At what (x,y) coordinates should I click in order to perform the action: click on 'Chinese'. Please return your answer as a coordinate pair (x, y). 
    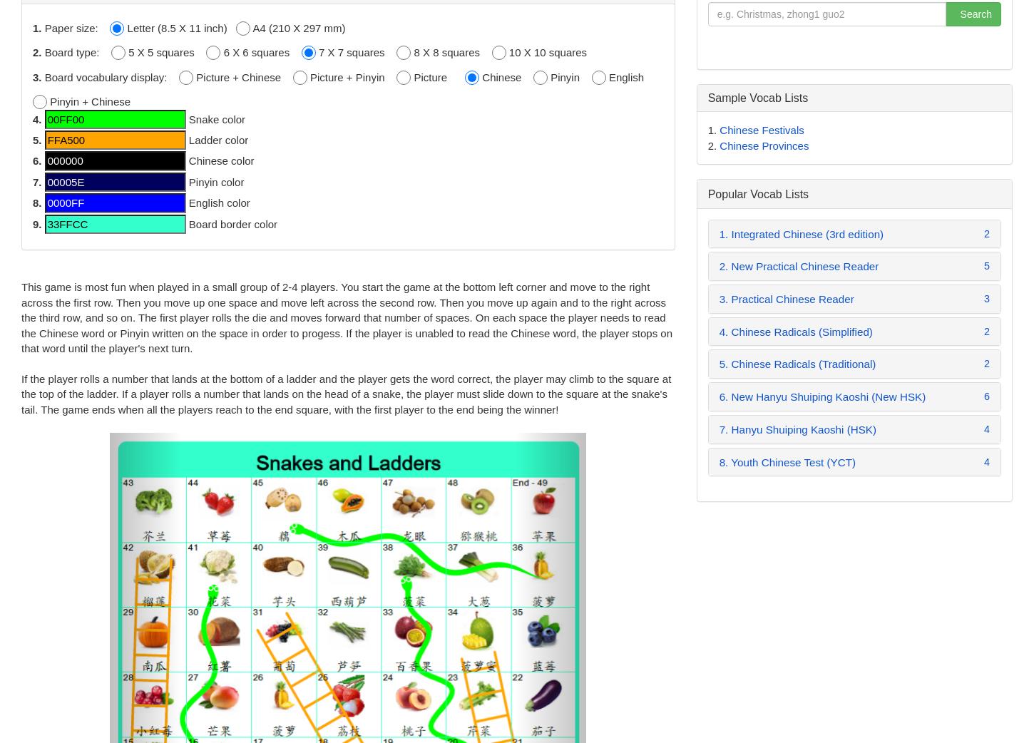
    Looking at the image, I should click on (506, 76).